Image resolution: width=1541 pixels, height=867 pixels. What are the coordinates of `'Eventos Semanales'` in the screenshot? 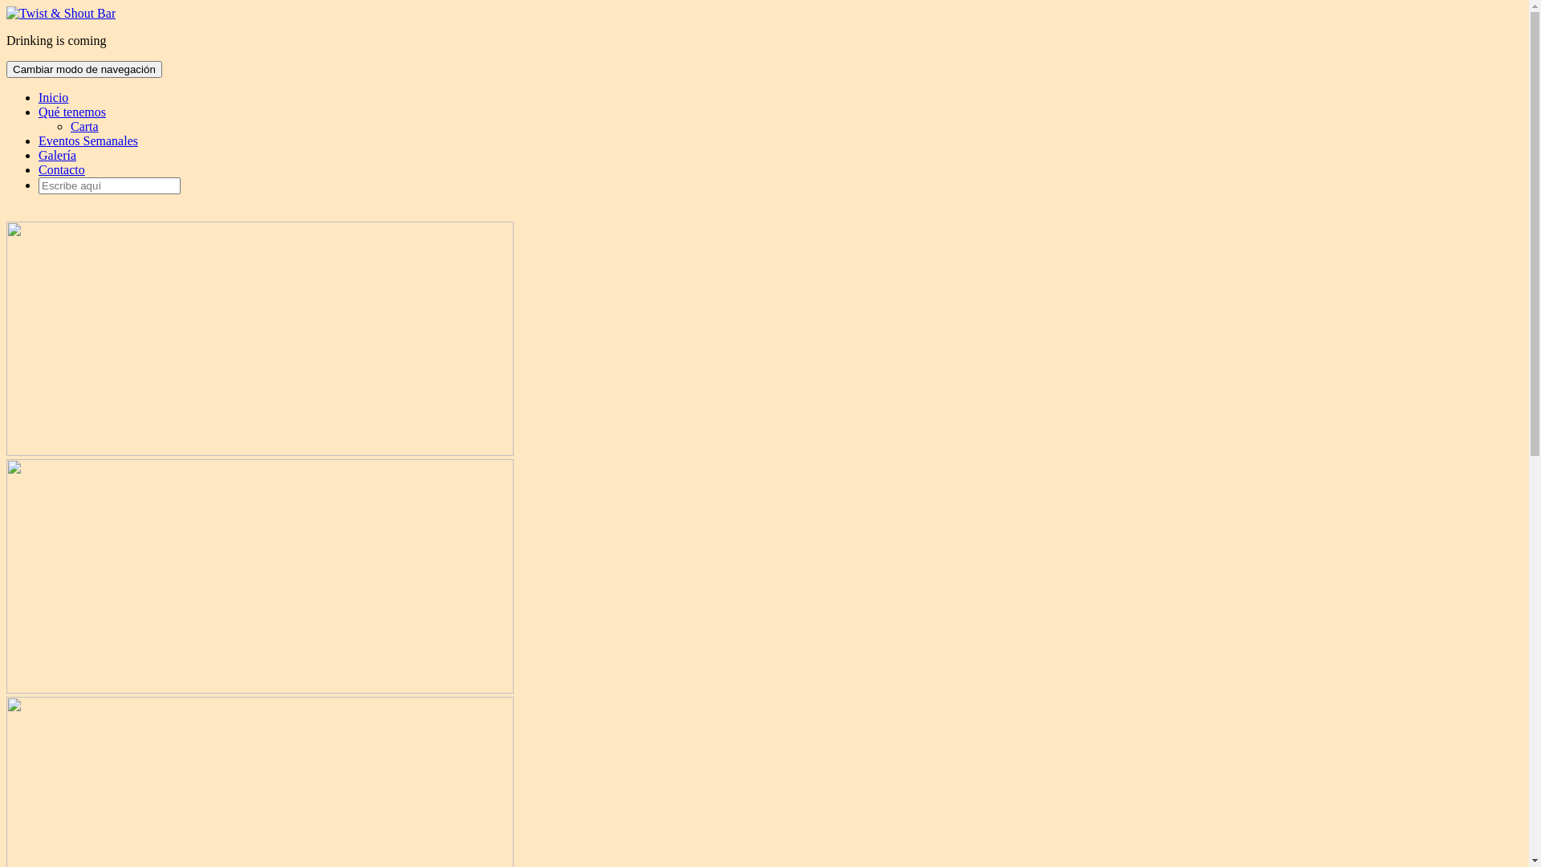 It's located at (87, 140).